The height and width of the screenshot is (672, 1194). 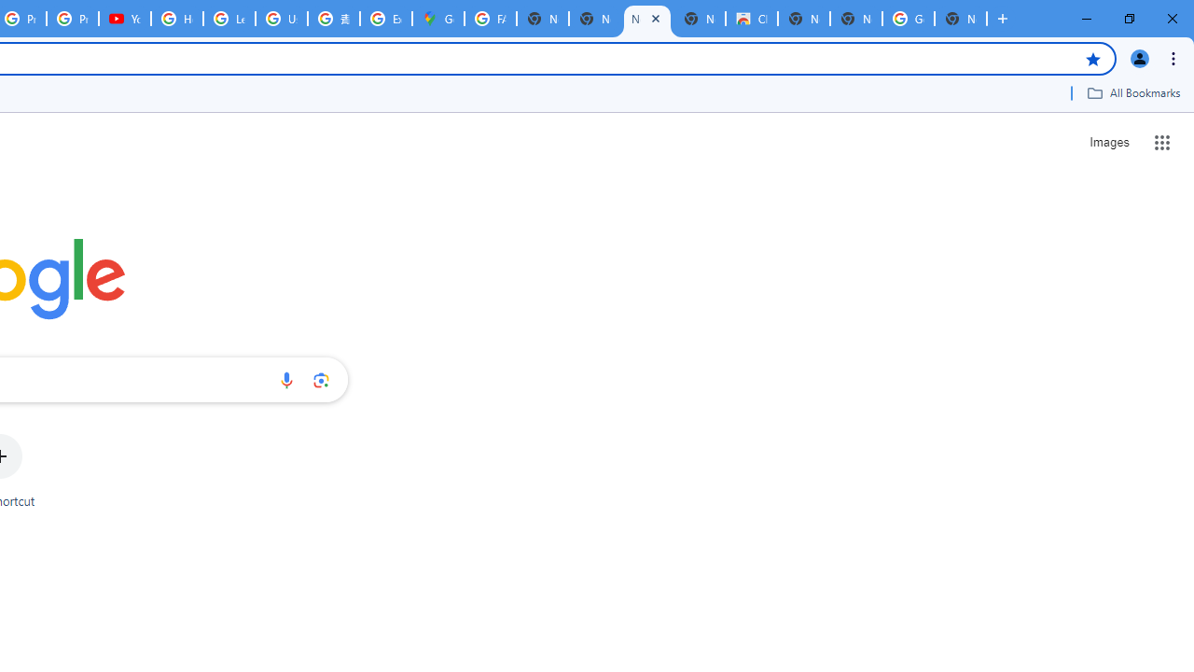 What do you see at coordinates (124, 19) in the screenshot?
I see `'YouTube'` at bounding box center [124, 19].